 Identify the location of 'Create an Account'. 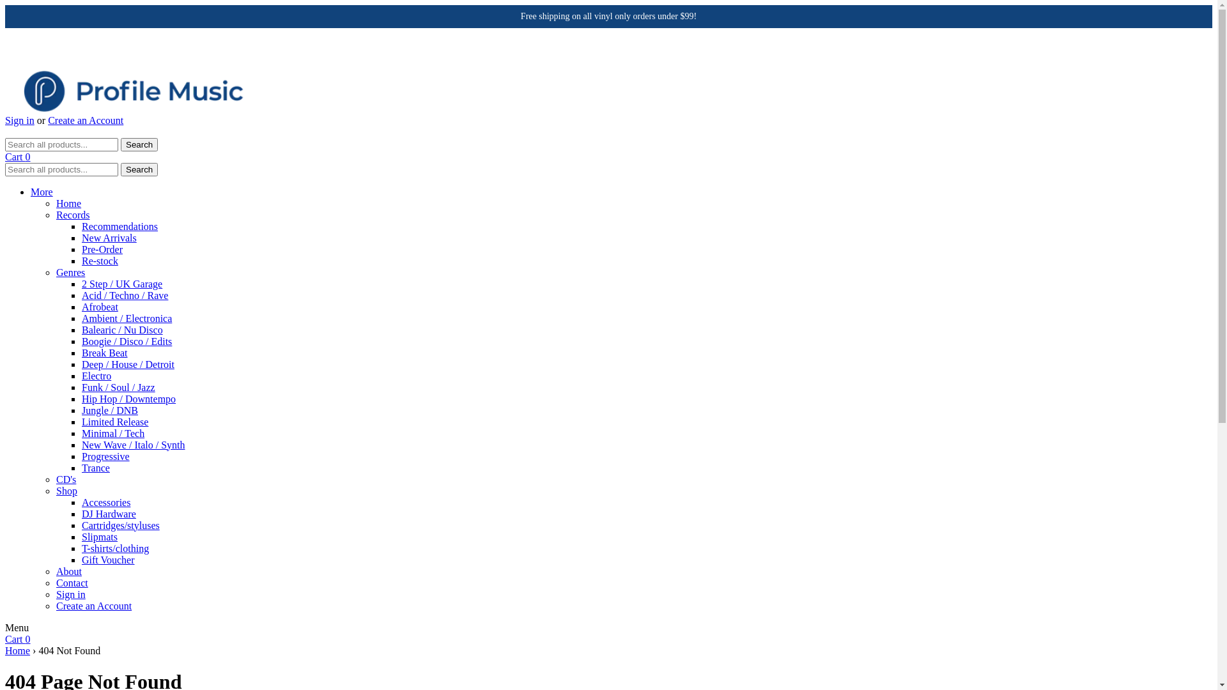
(85, 120).